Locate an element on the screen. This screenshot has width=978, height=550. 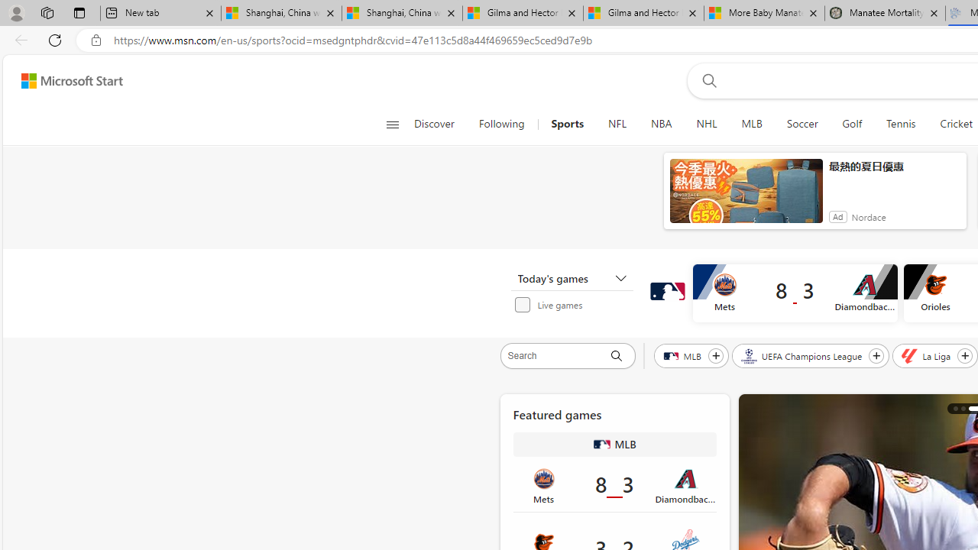
'Follow MLB' is located at coordinates (714, 355).